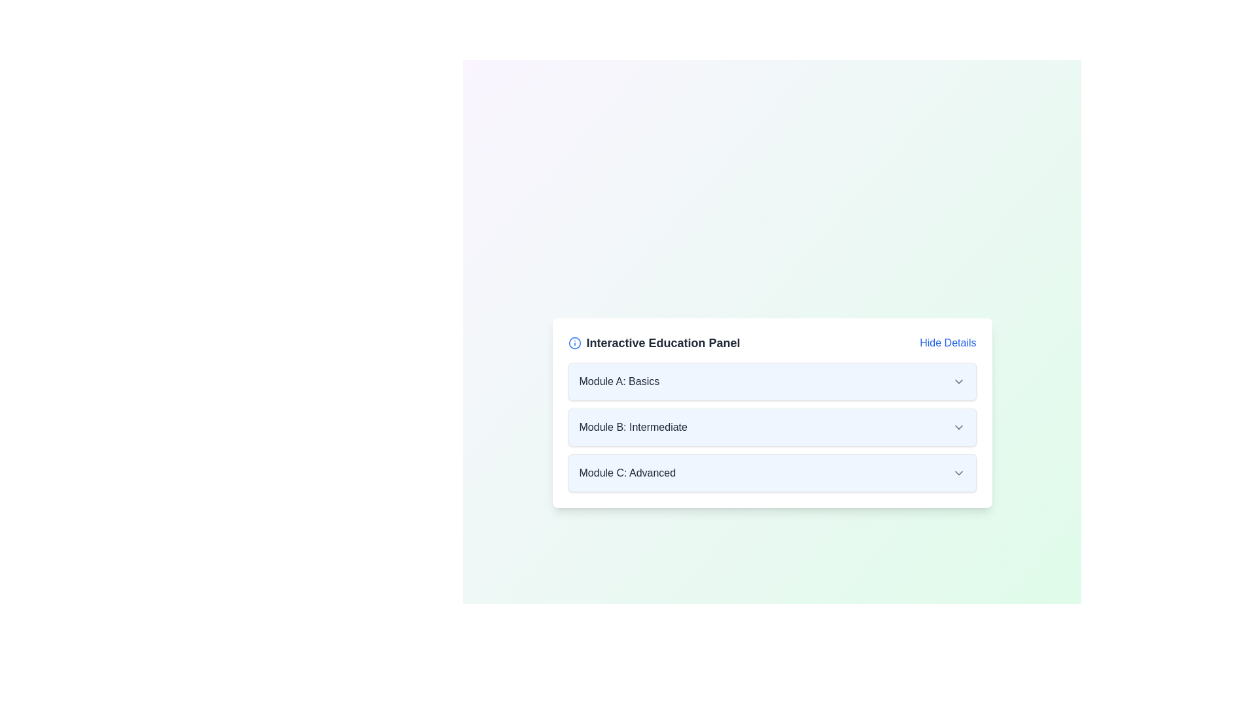  Describe the element at coordinates (574, 342) in the screenshot. I see `circular SVG graphical element within the information icon located at the left side of the 'Interactive Education Panel' header` at that location.